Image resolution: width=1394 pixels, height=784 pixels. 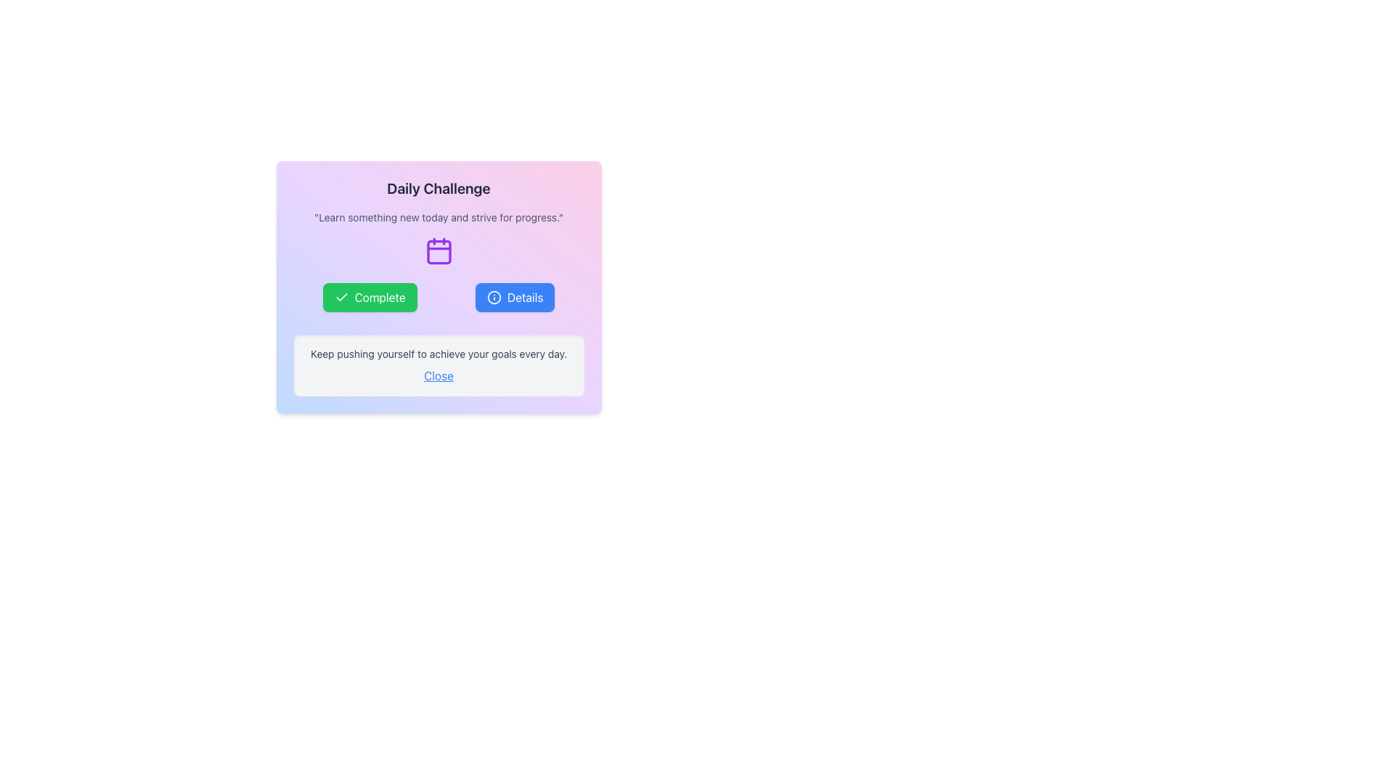 What do you see at coordinates (438, 375) in the screenshot?
I see `the 'Close' text link, which is styled in blue and underlined, located at the center bottom of the light gray background box within the card-like UI` at bounding box center [438, 375].